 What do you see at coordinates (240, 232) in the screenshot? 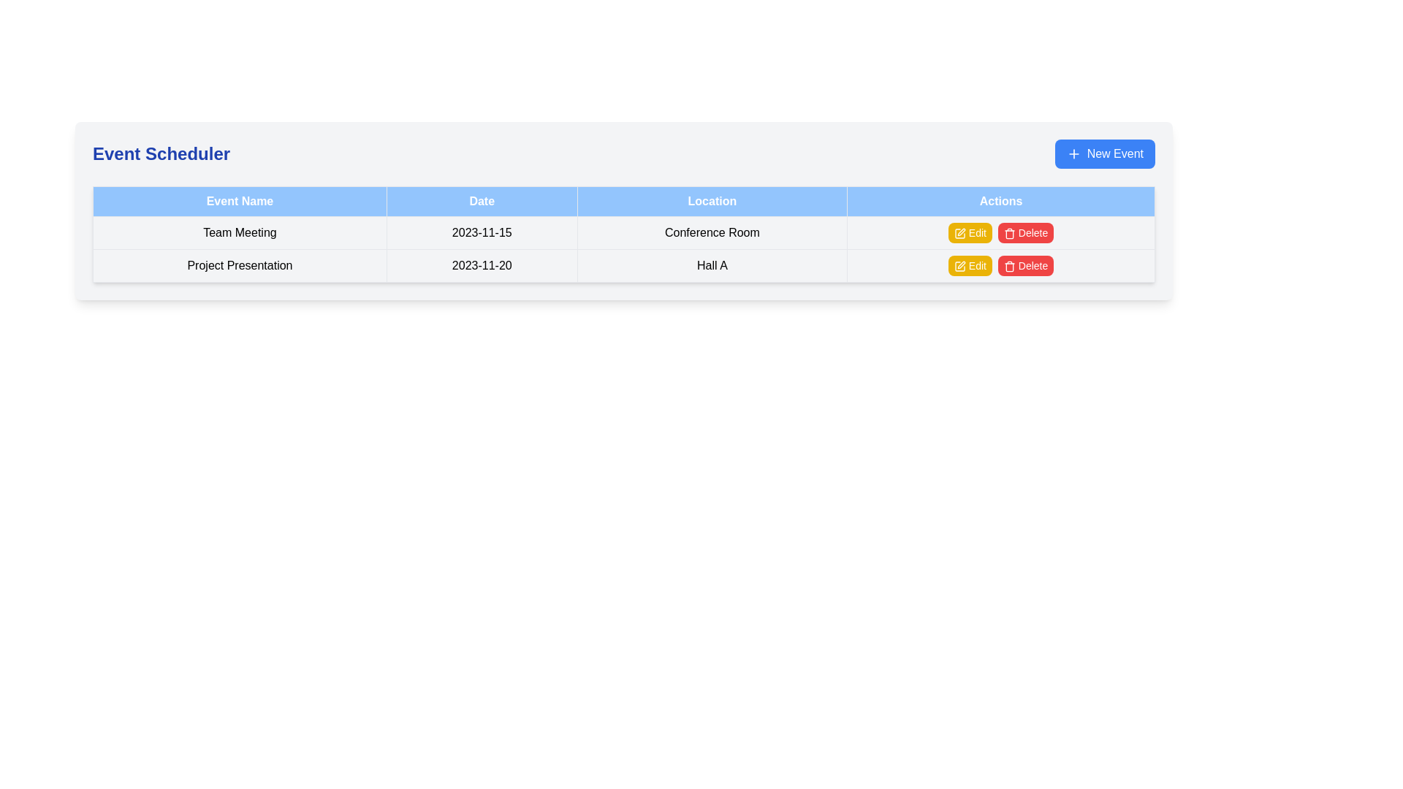
I see `the static text label that displays the name of a scheduled event in the first row under the 'Event Name' column of the scheduling table` at bounding box center [240, 232].